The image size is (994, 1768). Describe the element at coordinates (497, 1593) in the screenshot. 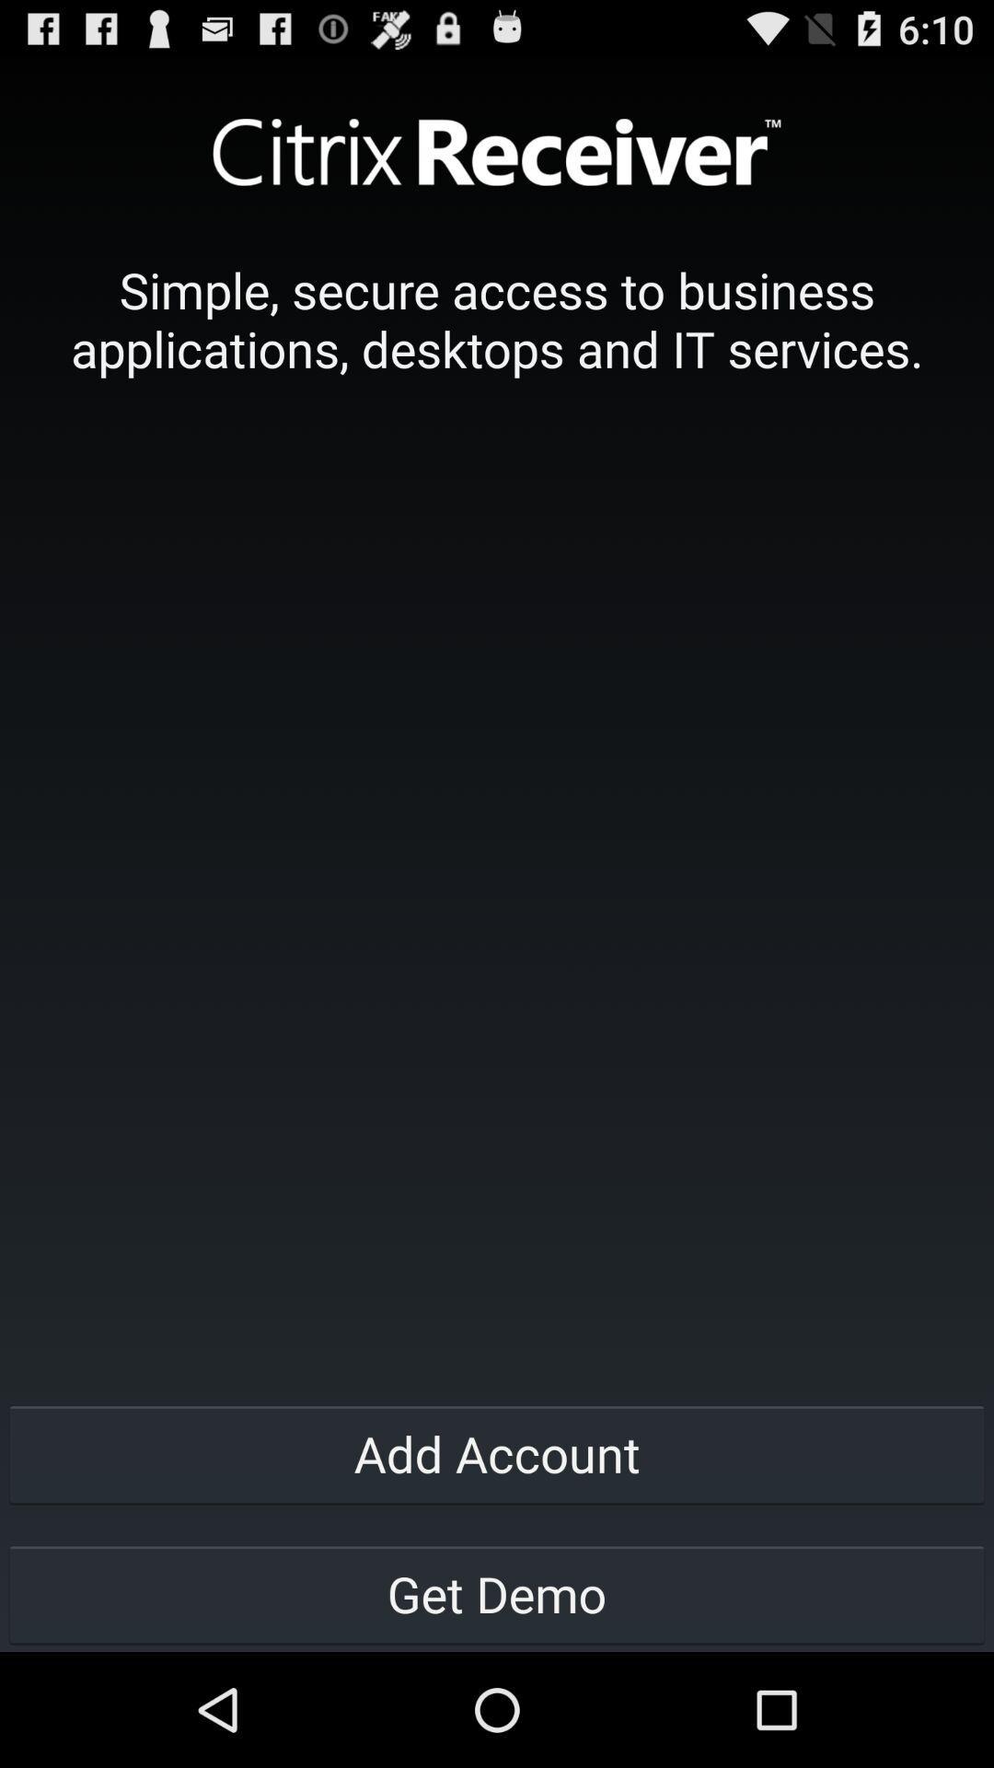

I see `the get demo button` at that location.